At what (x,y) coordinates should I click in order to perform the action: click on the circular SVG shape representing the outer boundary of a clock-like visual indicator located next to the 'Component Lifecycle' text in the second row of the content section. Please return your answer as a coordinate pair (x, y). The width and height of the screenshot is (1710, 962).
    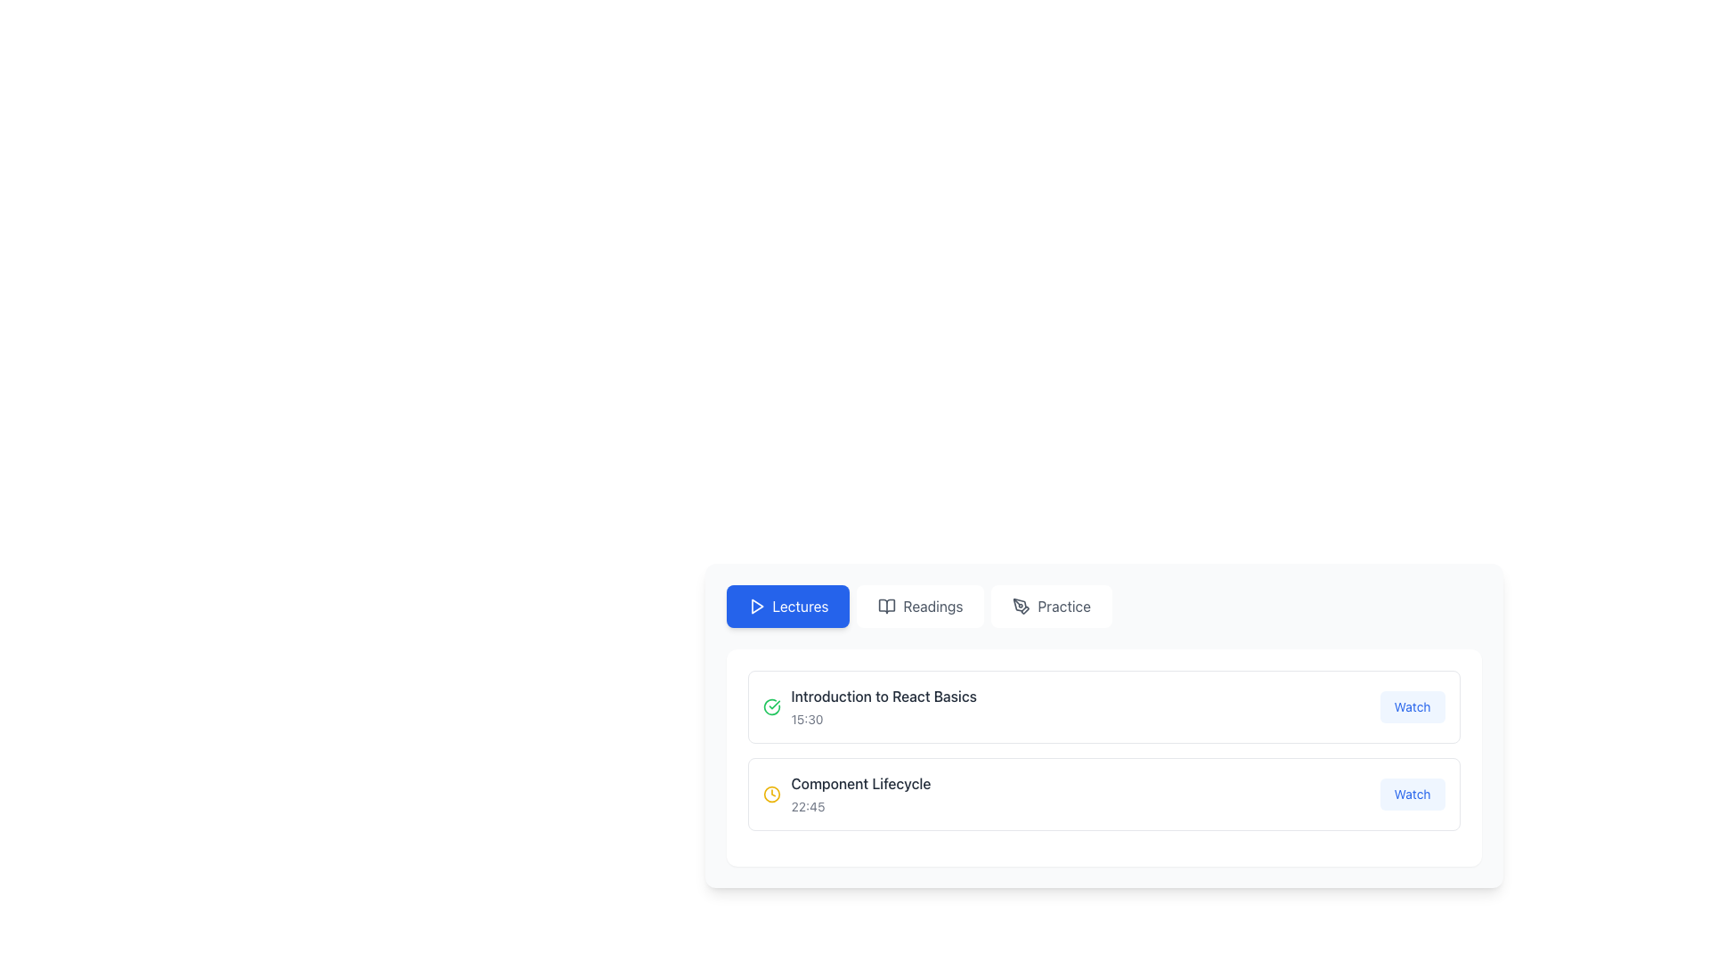
    Looking at the image, I should click on (771, 793).